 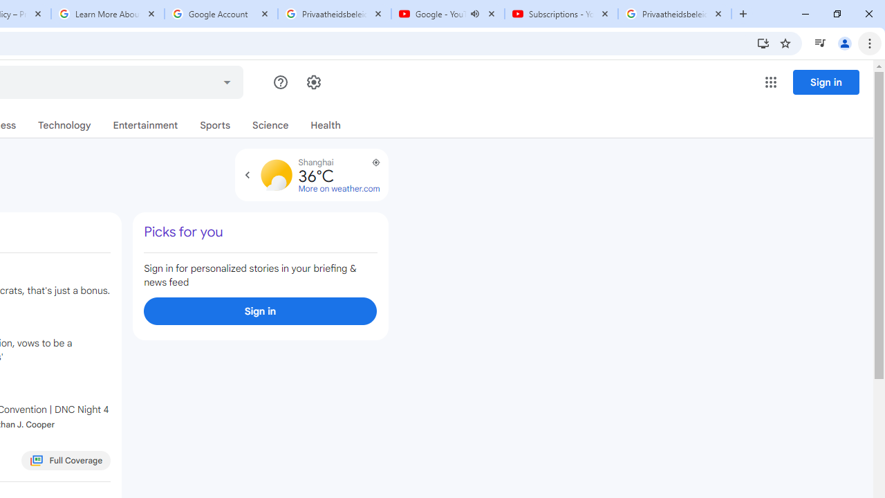 I want to click on 'Google - YouTube - Audio playing', so click(x=447, y=14).